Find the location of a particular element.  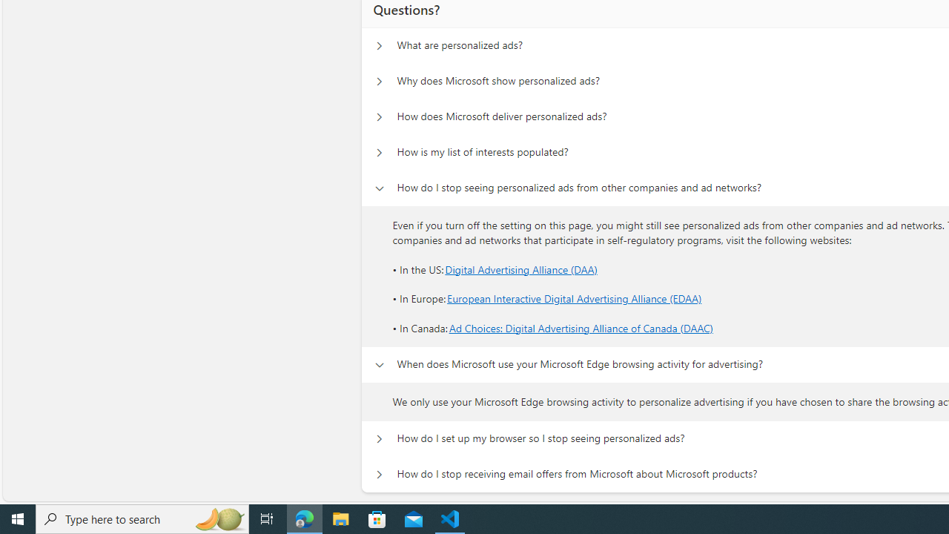

'European Interactive Digital Advertising Alliance (EDAA)' is located at coordinates (574, 299).